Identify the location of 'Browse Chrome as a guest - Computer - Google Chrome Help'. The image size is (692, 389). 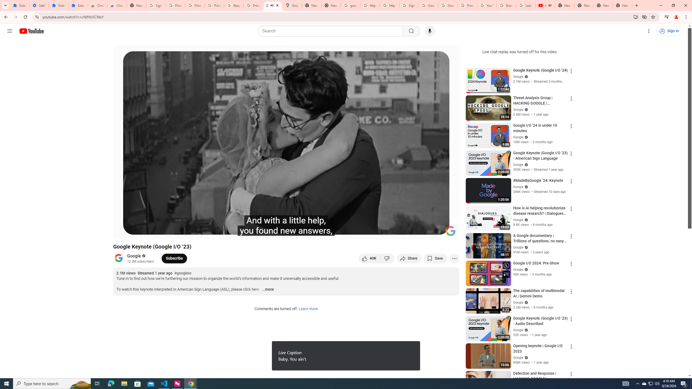
(506, 5).